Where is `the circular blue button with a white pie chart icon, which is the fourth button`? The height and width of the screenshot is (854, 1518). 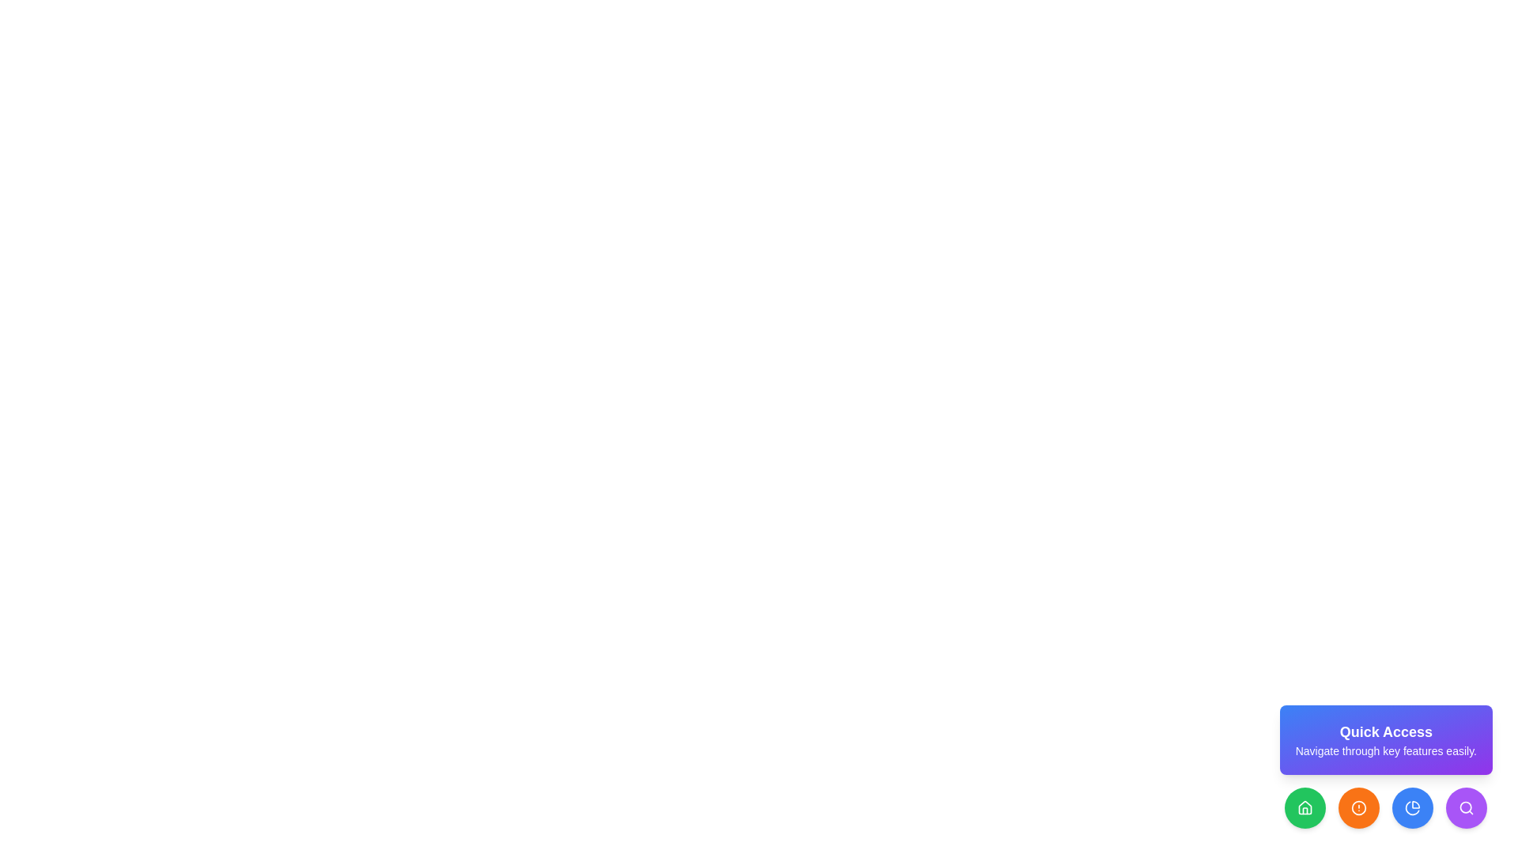 the circular blue button with a white pie chart icon, which is the fourth button is located at coordinates (1413, 808).